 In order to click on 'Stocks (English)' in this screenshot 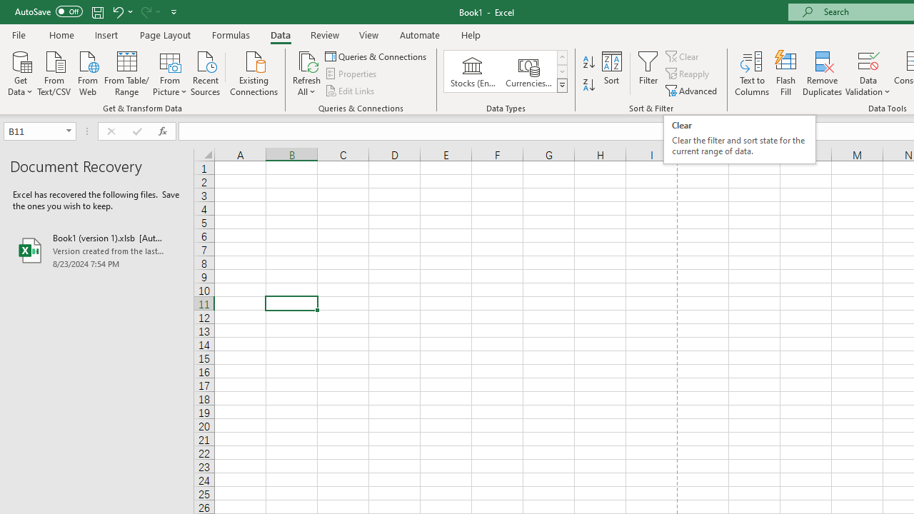, I will do `click(473, 71)`.